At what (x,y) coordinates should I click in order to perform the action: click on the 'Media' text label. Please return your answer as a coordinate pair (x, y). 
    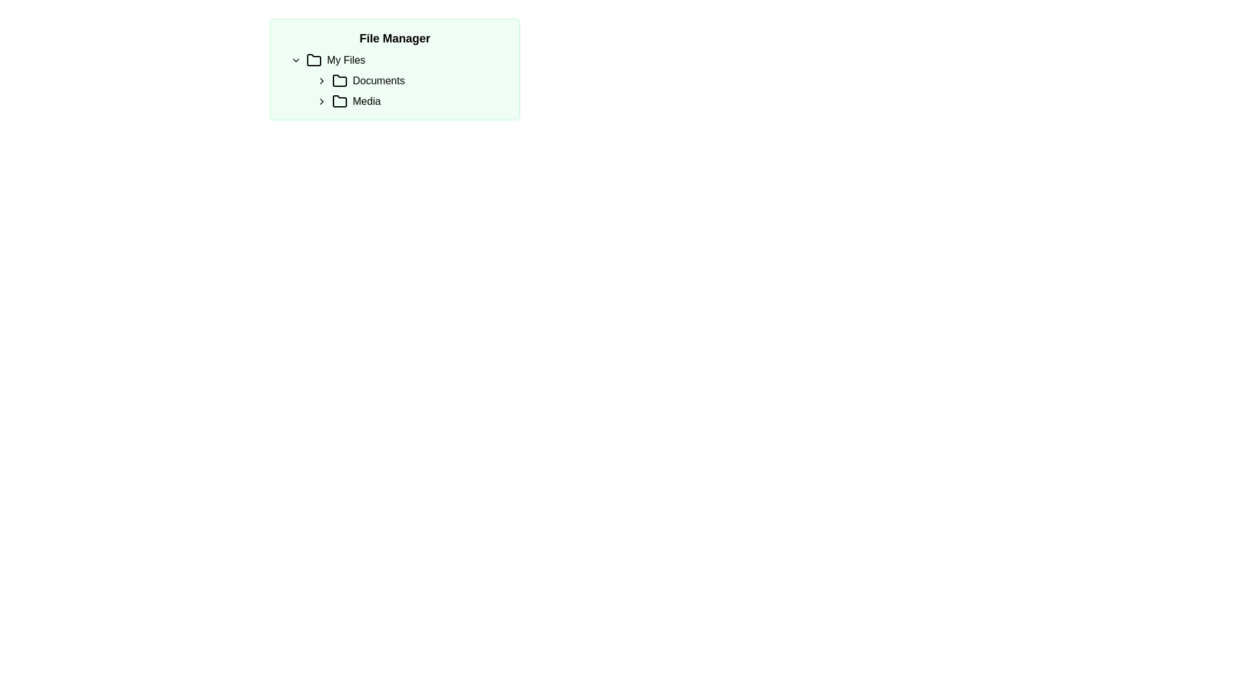
    Looking at the image, I should click on (366, 101).